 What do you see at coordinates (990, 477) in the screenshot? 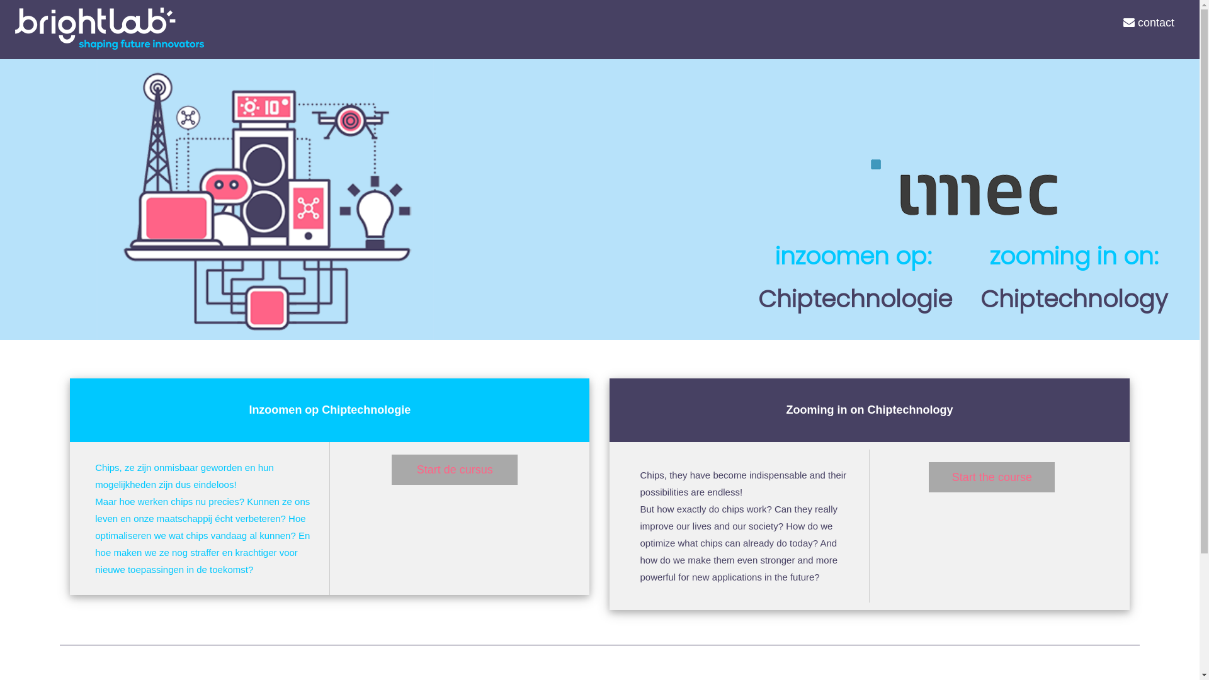
I see `'Start the course'` at bounding box center [990, 477].